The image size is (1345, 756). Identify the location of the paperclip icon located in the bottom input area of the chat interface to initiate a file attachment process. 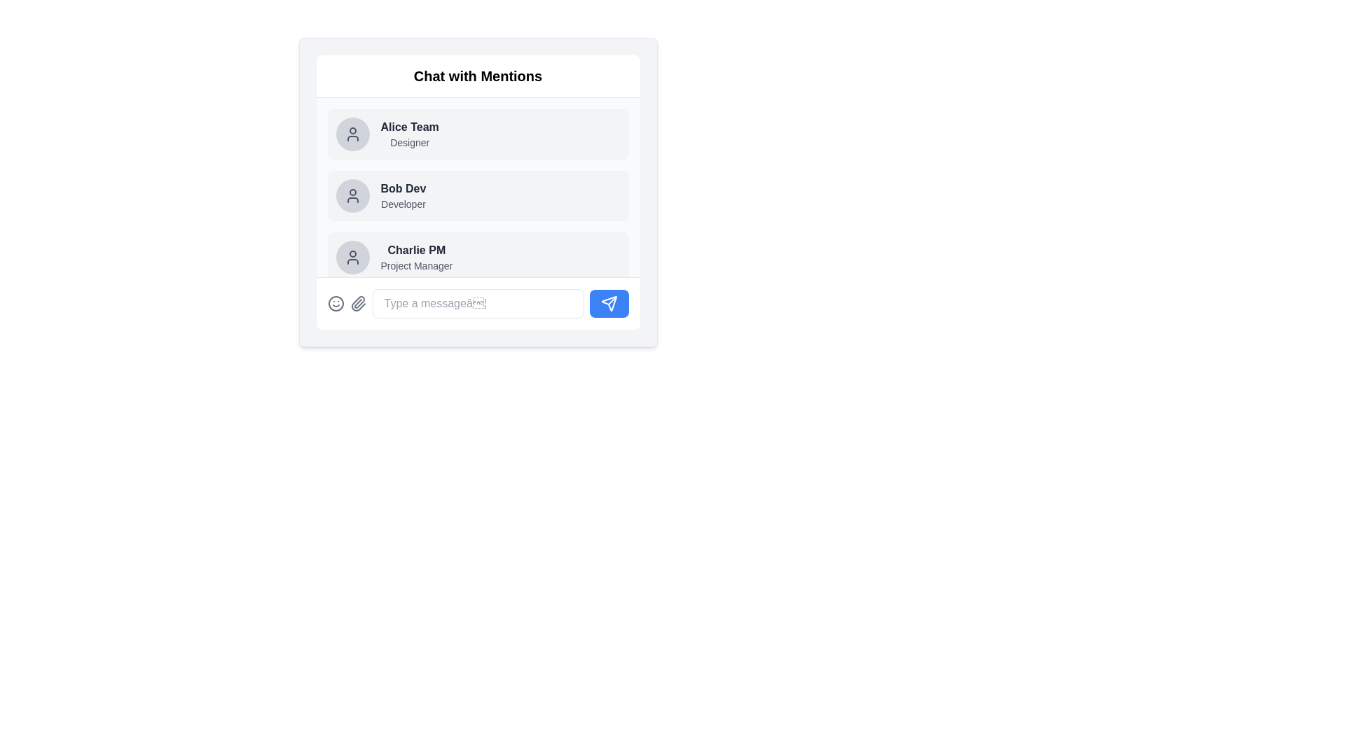
(357, 303).